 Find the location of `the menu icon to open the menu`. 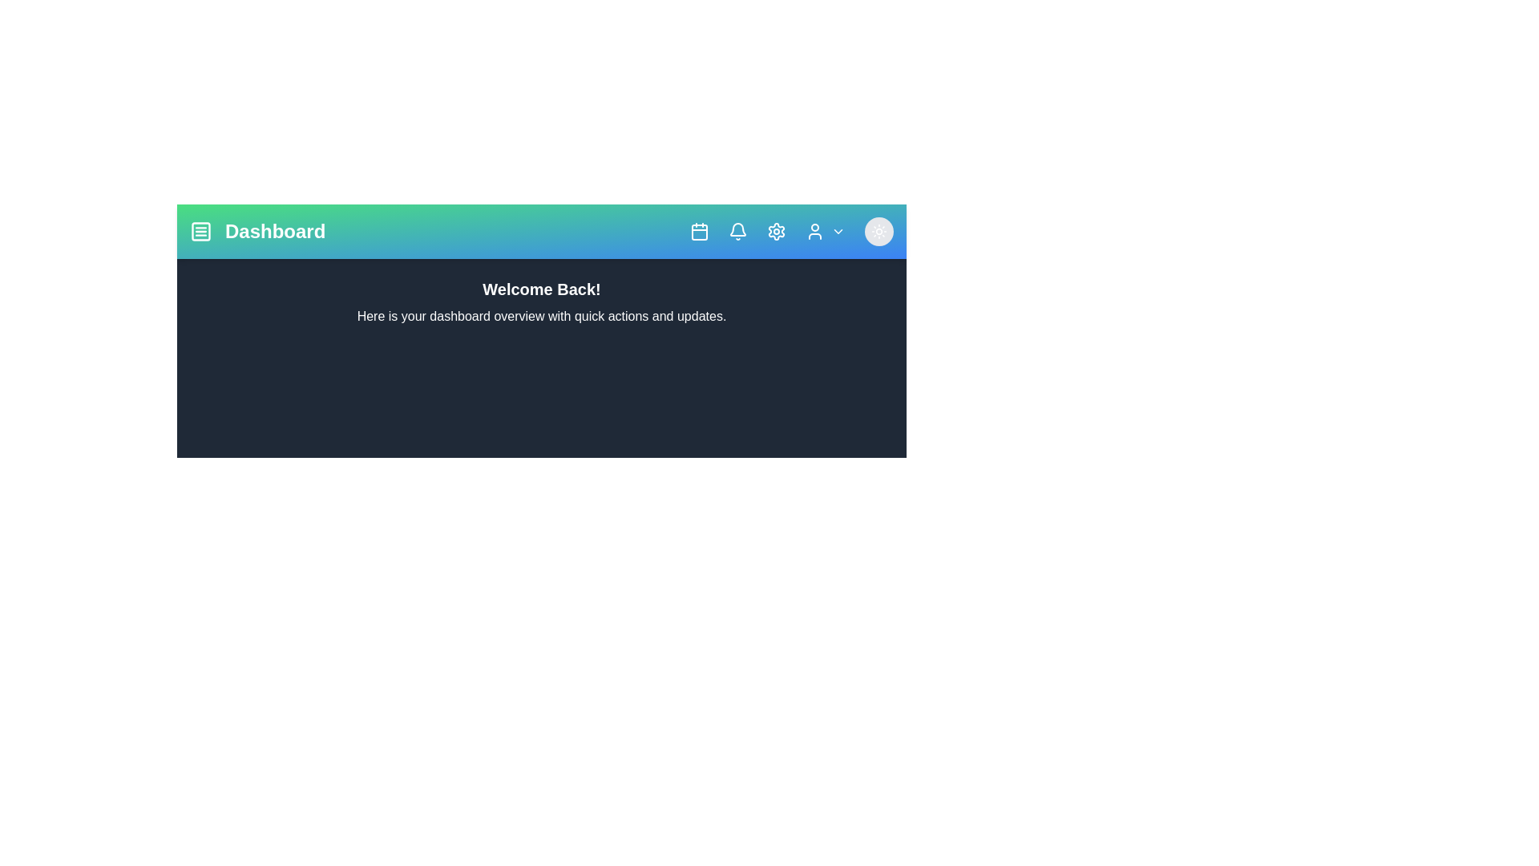

the menu icon to open the menu is located at coordinates (200, 232).